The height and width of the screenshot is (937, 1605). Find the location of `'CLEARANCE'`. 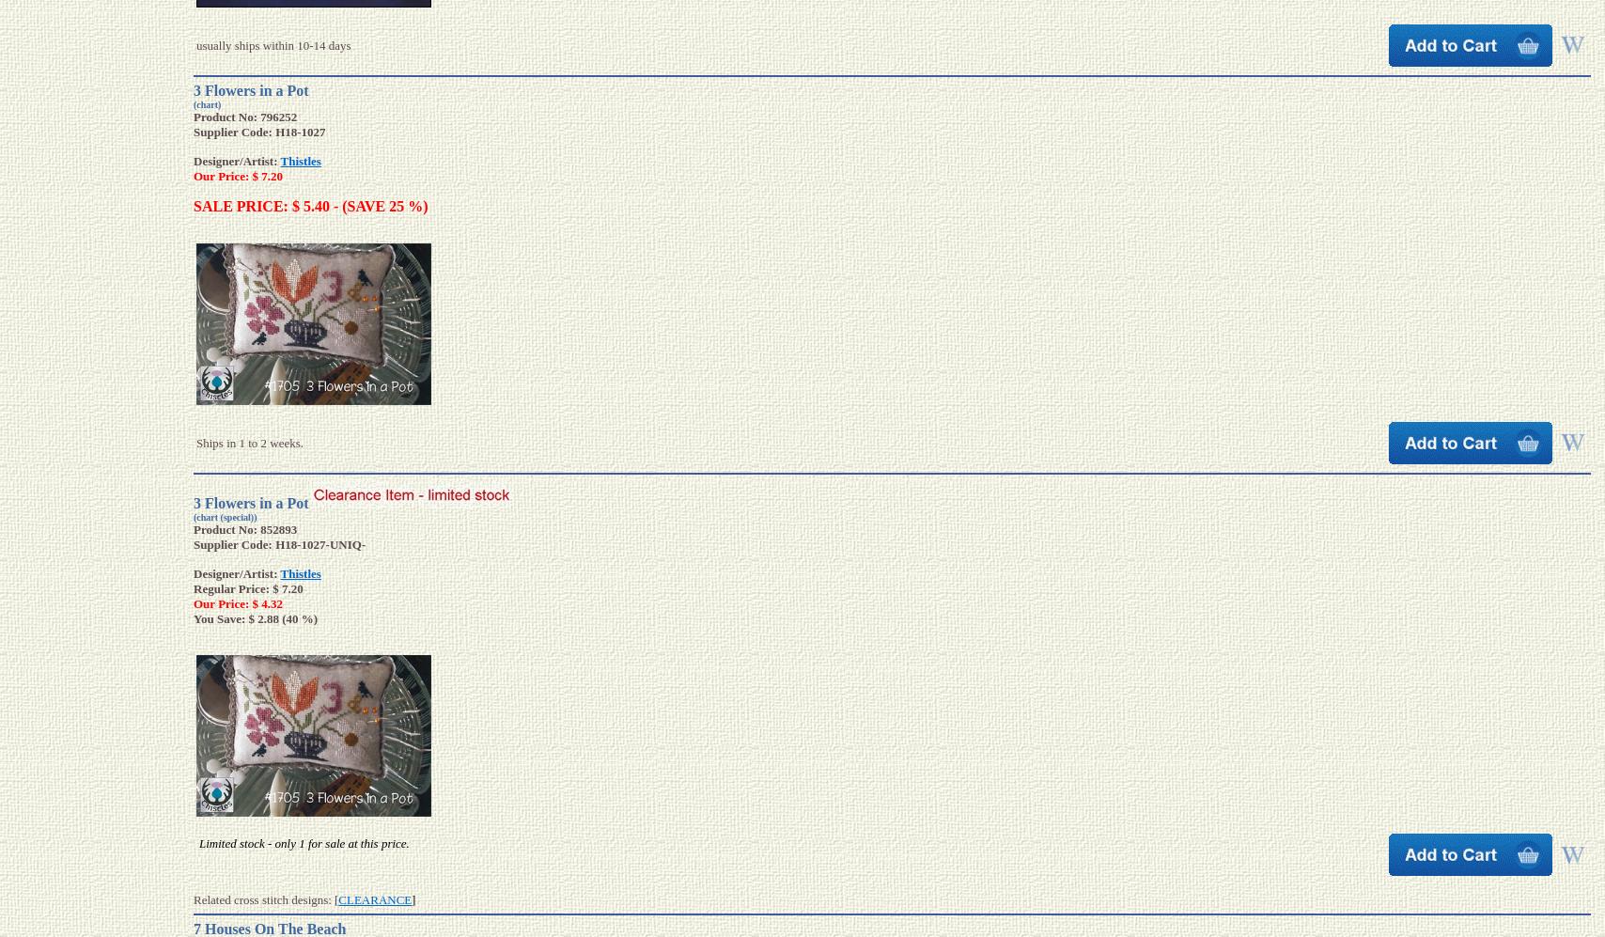

'CLEARANCE' is located at coordinates (374, 898).